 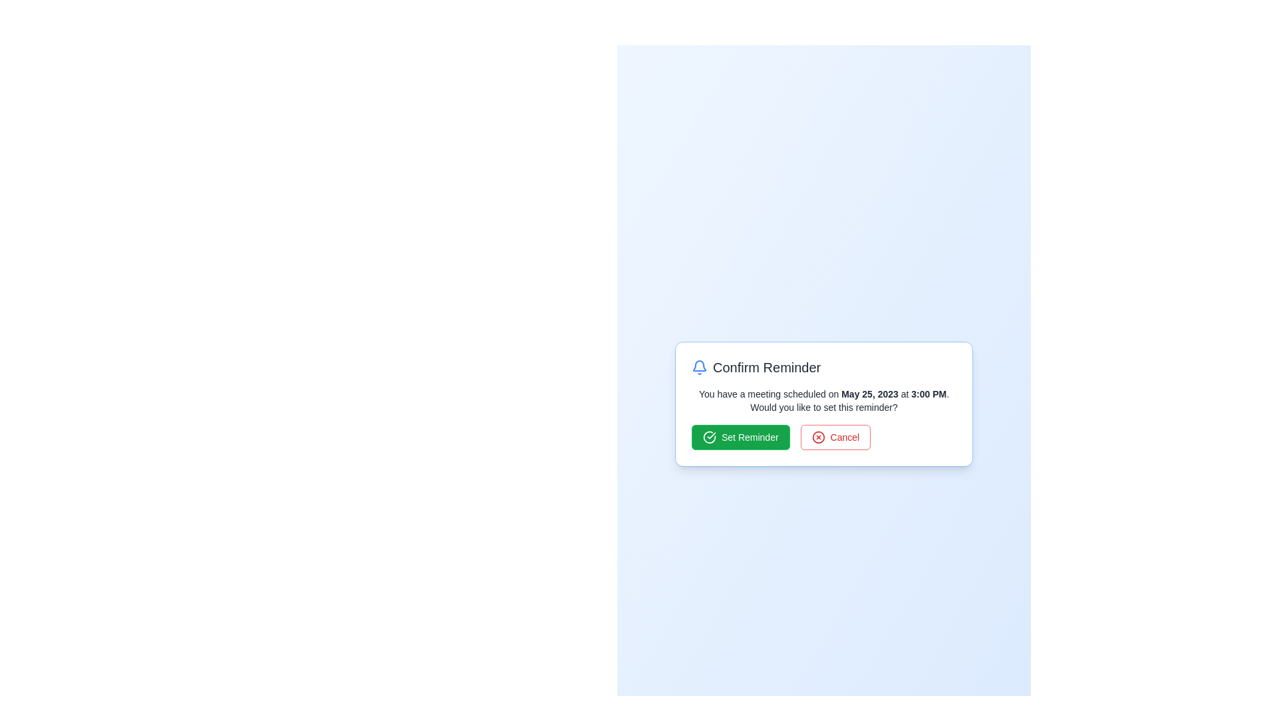 I want to click on the header text label that conveys the purpose of confirming a reminder for a scheduled meeting, located to the right of a bell icon within the notification card interface, so click(x=767, y=367).